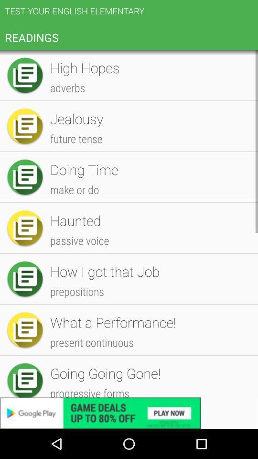 The height and width of the screenshot is (459, 258). I want to click on the multiplayer app, so click(149, 184).